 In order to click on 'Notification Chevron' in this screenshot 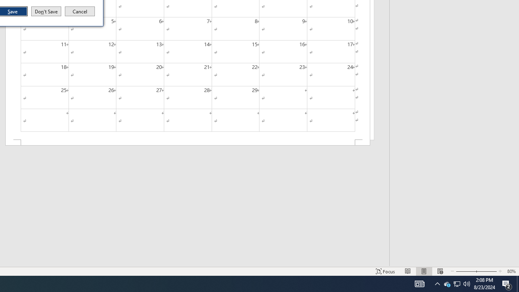, I will do `click(437, 283)`.